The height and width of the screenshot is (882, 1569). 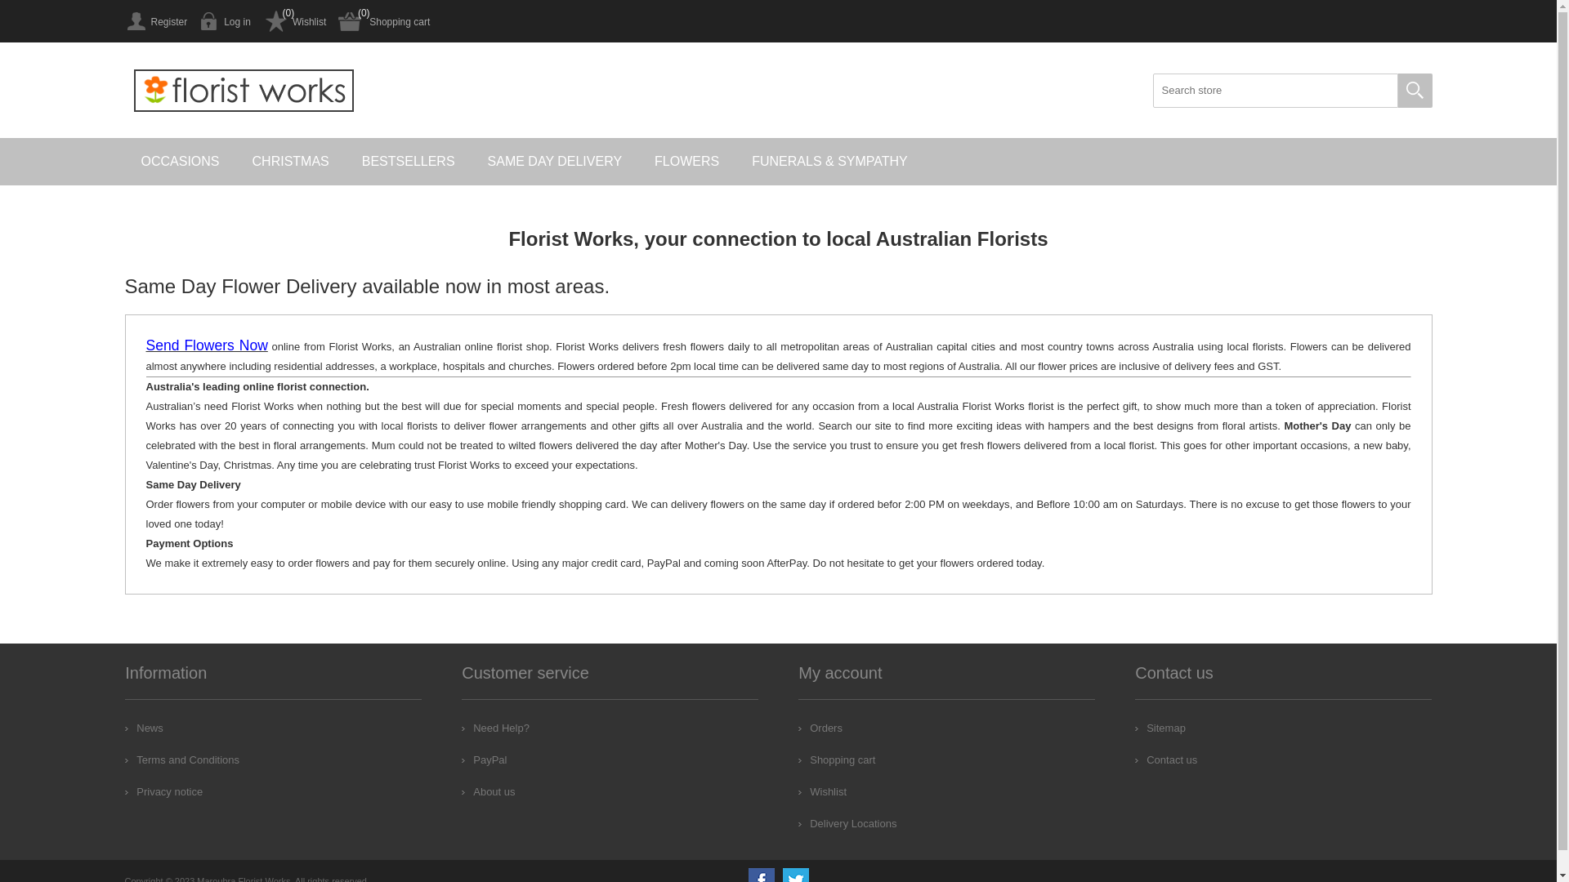 What do you see at coordinates (494, 727) in the screenshot?
I see `'Need Help?'` at bounding box center [494, 727].